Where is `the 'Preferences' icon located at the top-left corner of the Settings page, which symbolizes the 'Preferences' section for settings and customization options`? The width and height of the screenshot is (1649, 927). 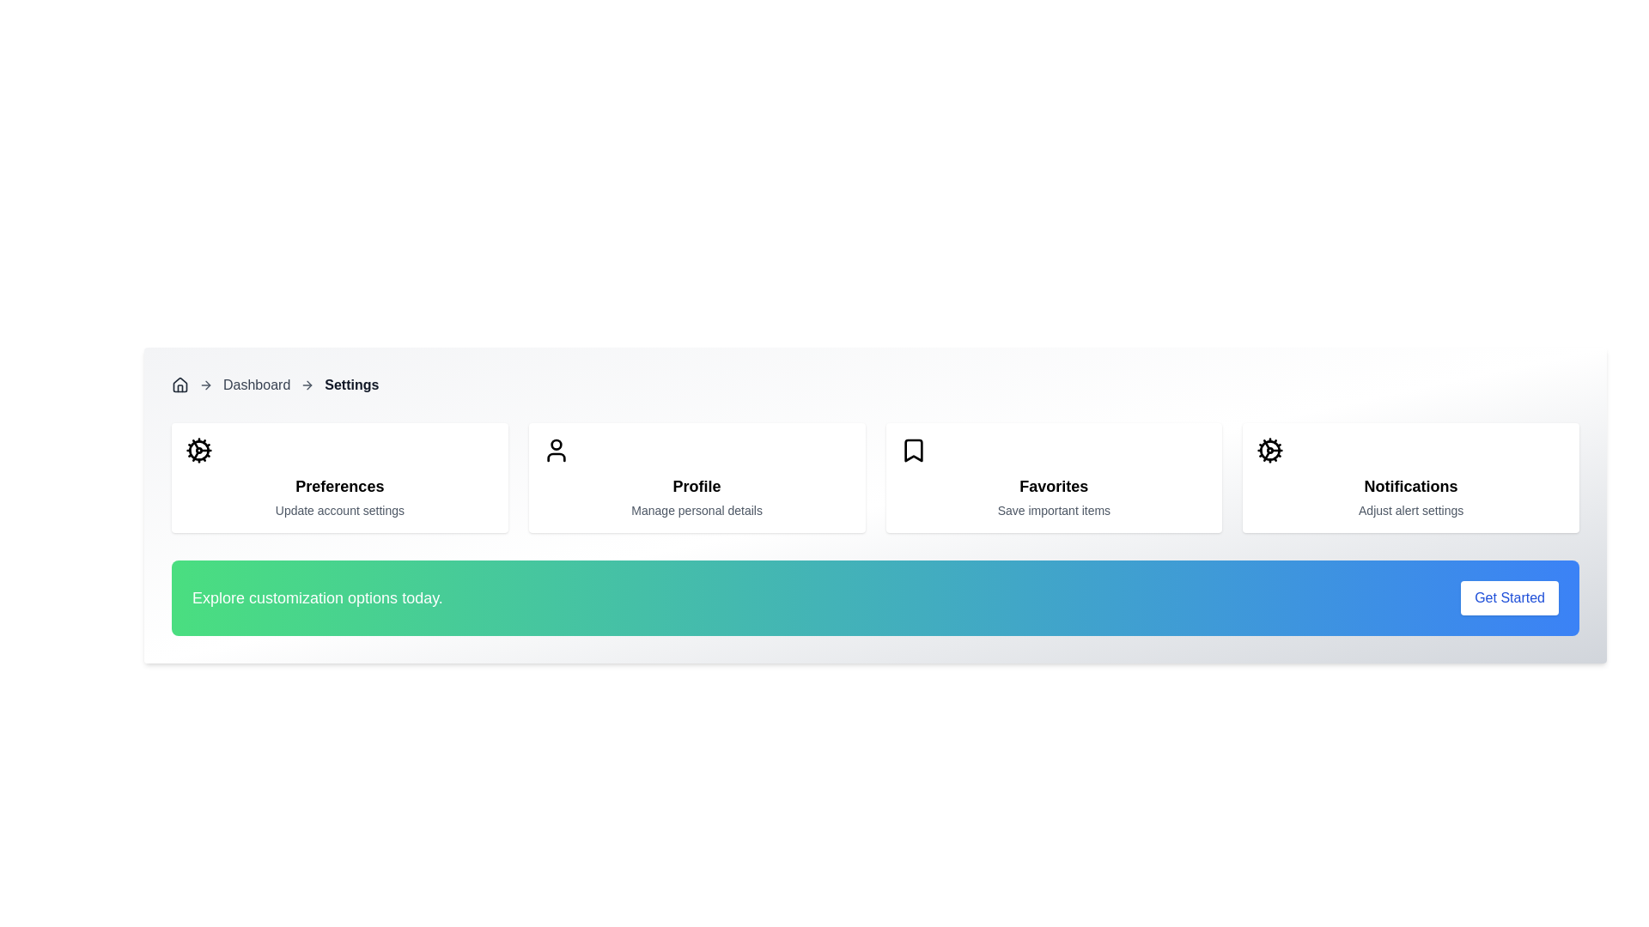 the 'Preferences' icon located at the top-left corner of the Settings page, which symbolizes the 'Preferences' section for settings and customization options is located at coordinates (198, 449).